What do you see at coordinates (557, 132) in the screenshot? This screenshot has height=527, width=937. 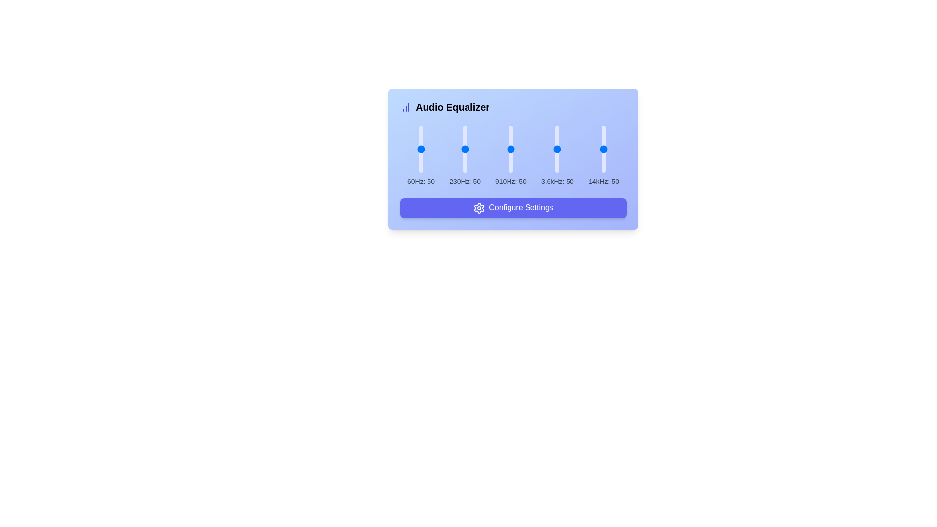 I see `the thumb of the vertical slider labeled '3.6kHz: 50'` at bounding box center [557, 132].